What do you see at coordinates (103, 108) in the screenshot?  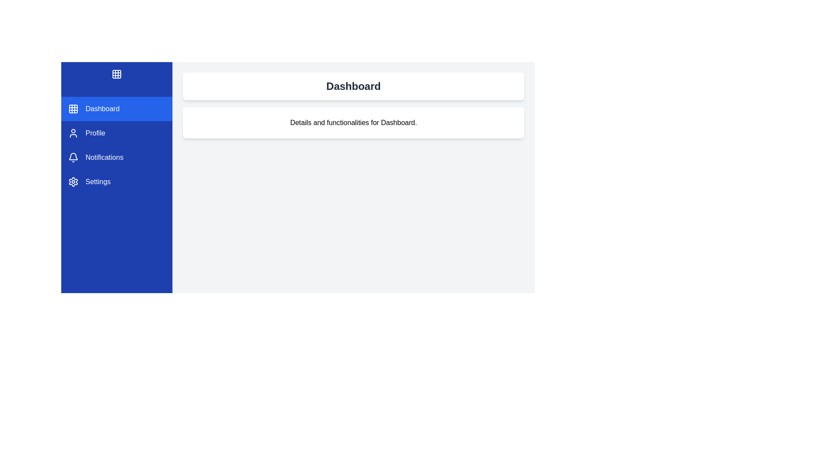 I see `the 'Dashboard' text label in the vertical navigation panel` at bounding box center [103, 108].